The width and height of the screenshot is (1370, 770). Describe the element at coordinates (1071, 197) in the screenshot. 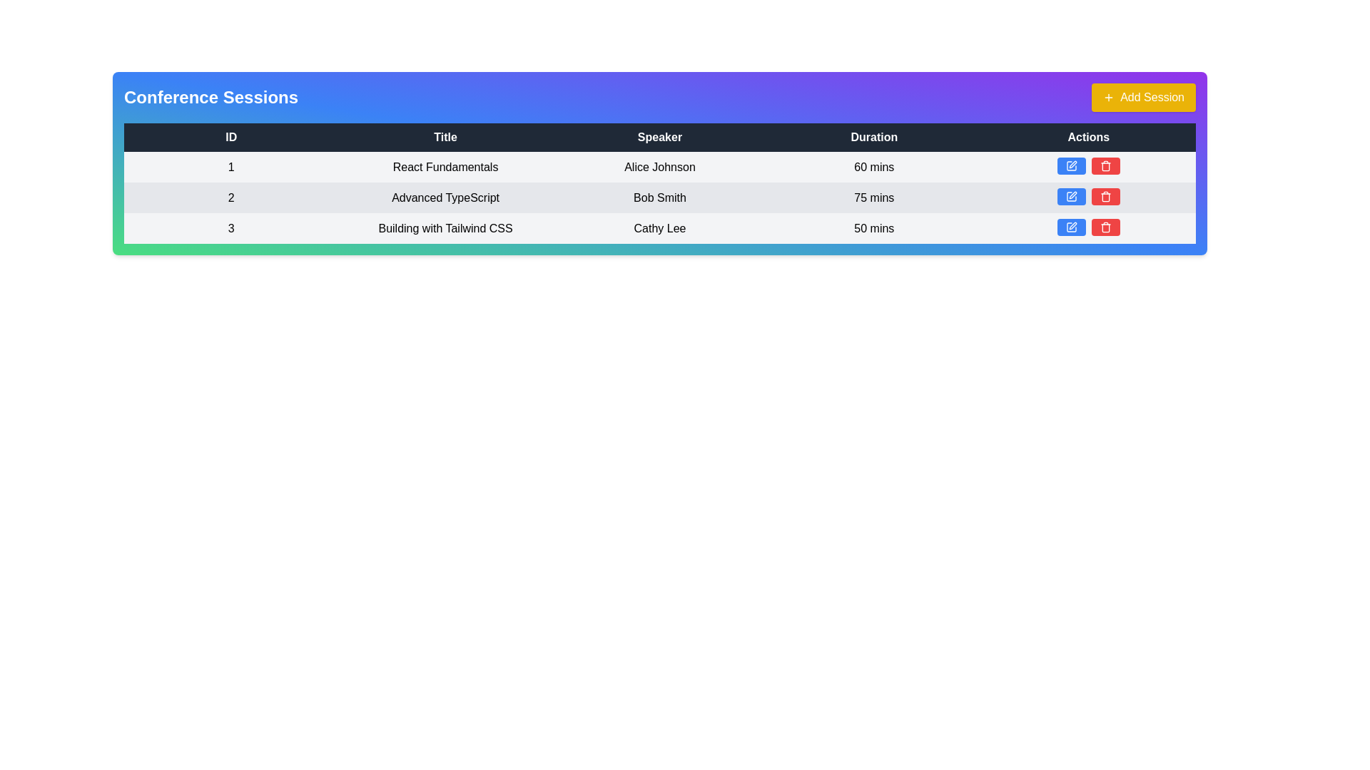

I see `the edit button for the 'Advanced TypeScript' row located in the 'Actions' column of the conference sessions table` at that location.